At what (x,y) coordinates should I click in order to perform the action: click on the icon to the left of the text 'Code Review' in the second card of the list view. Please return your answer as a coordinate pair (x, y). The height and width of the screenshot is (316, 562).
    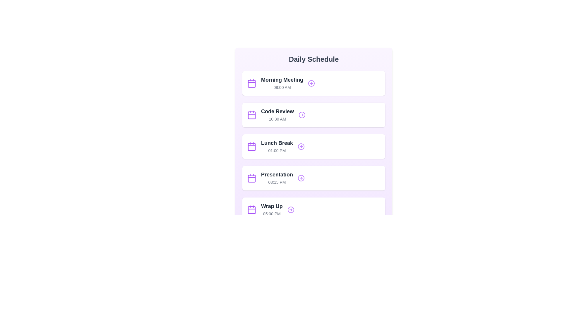
    Looking at the image, I should click on (251, 115).